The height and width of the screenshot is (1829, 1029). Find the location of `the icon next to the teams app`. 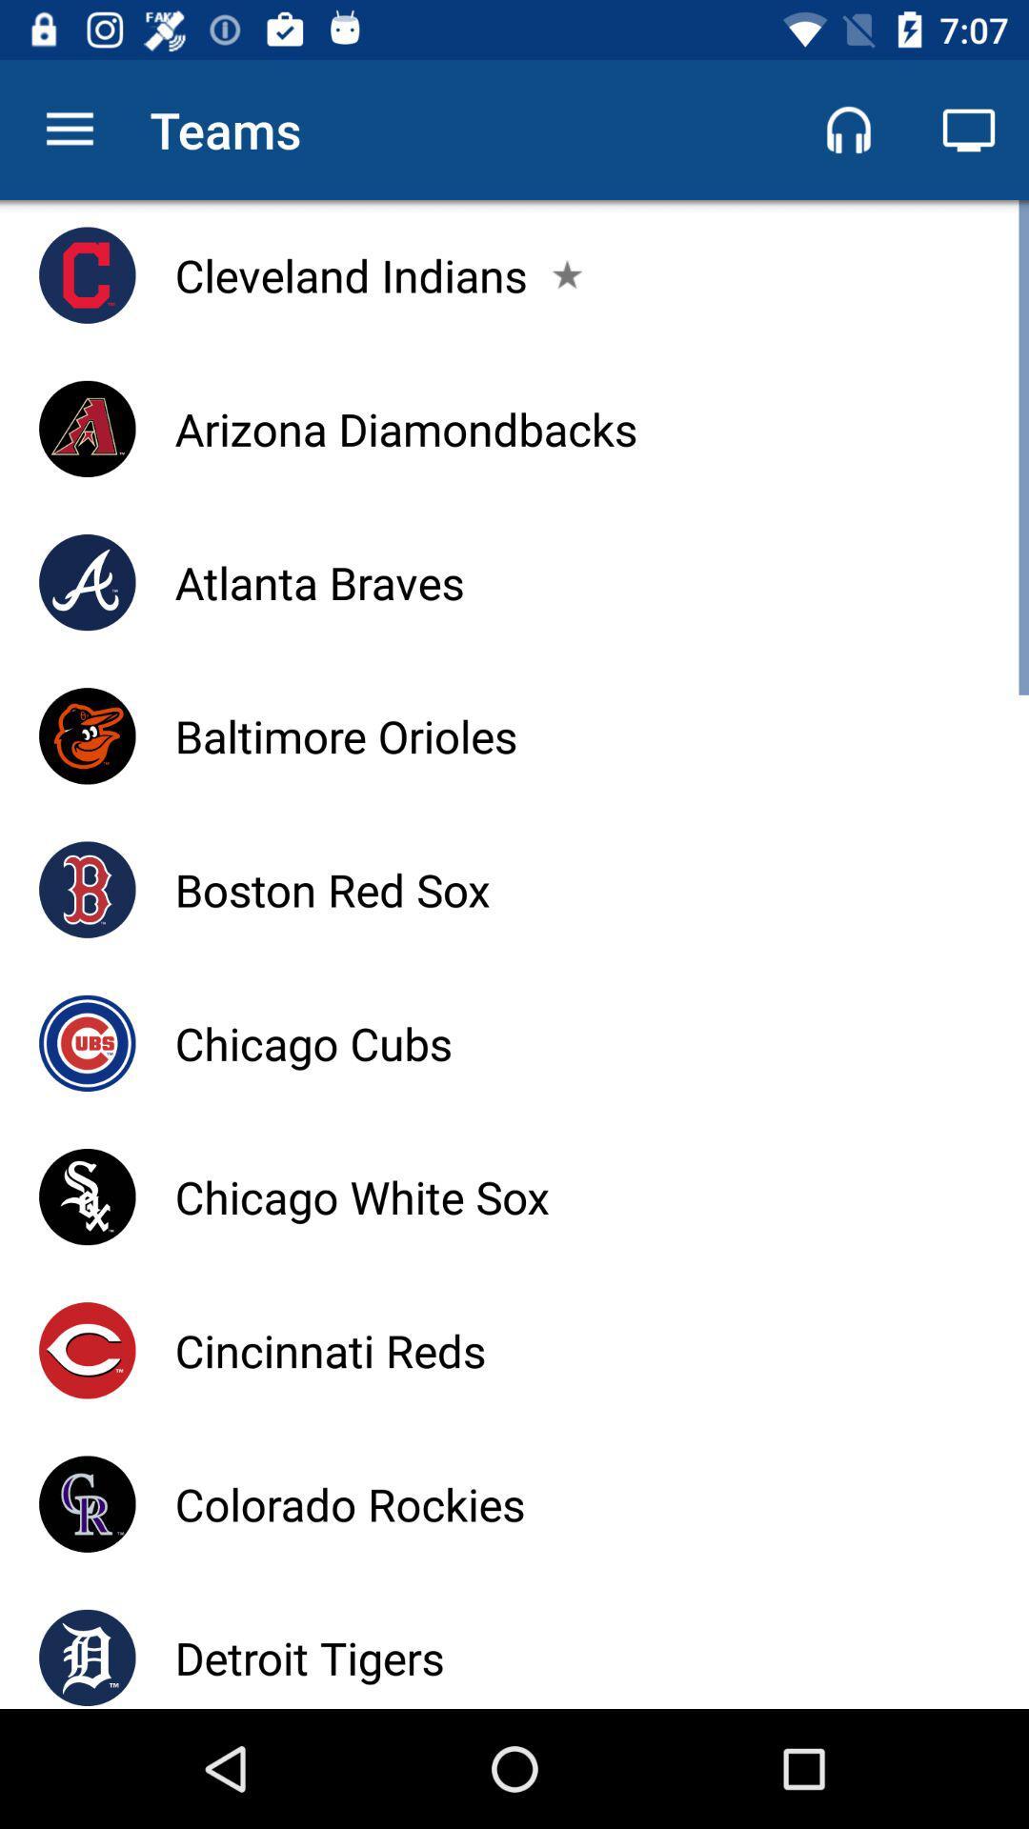

the icon next to the teams app is located at coordinates (69, 129).